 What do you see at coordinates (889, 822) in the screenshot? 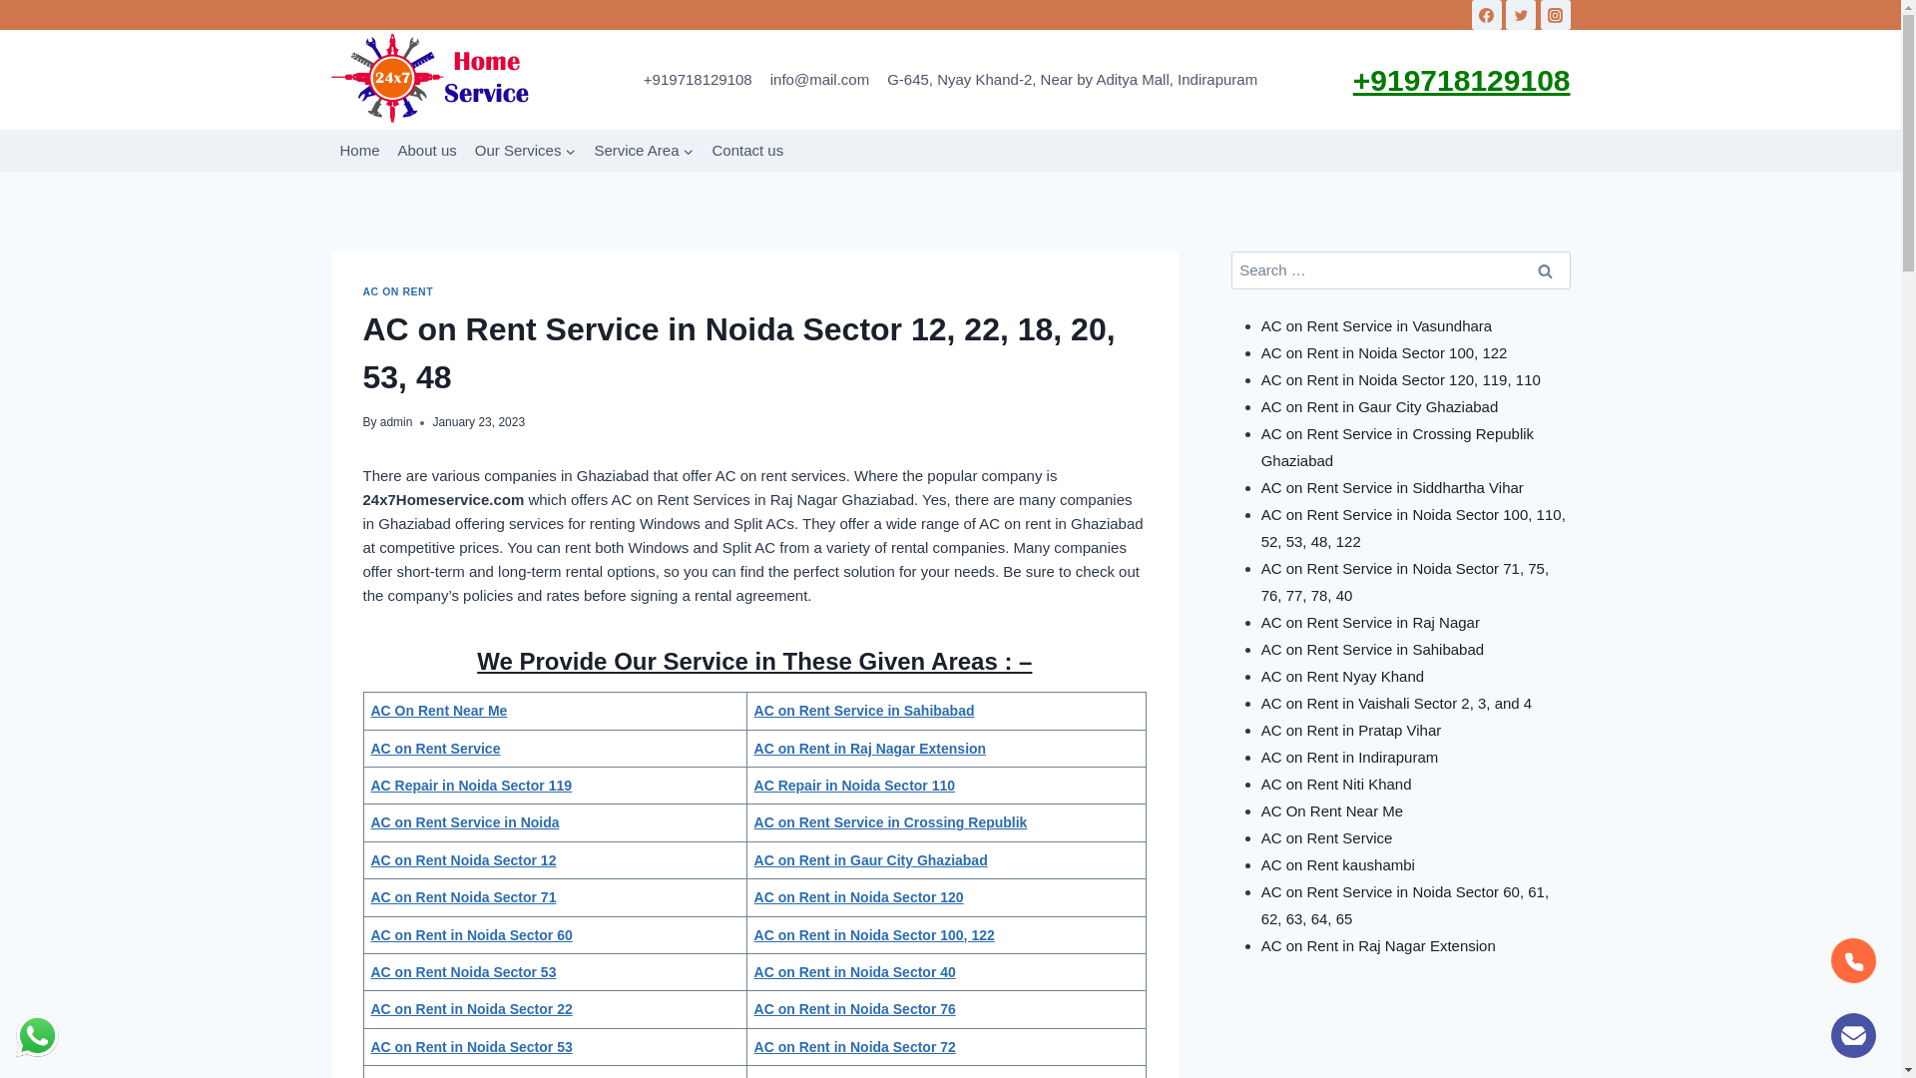
I see `'AC on Rent Service in Crossing Republik'` at bounding box center [889, 822].